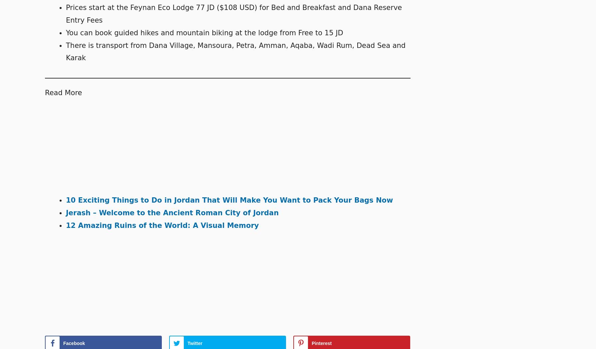  Describe the element at coordinates (162, 225) in the screenshot. I see `'12 Amazing Ruins of the World: A Visual Memory'` at that location.